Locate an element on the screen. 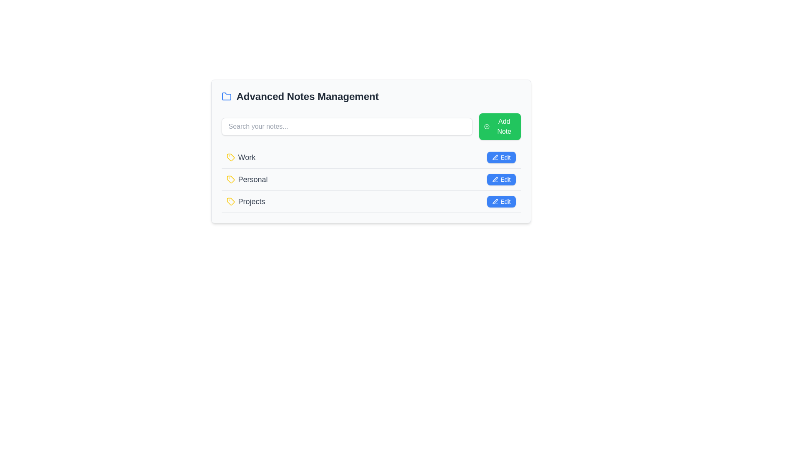  the decorative icon located to the left of the 'Edit' button in the vertical list of items is located at coordinates (495, 157).